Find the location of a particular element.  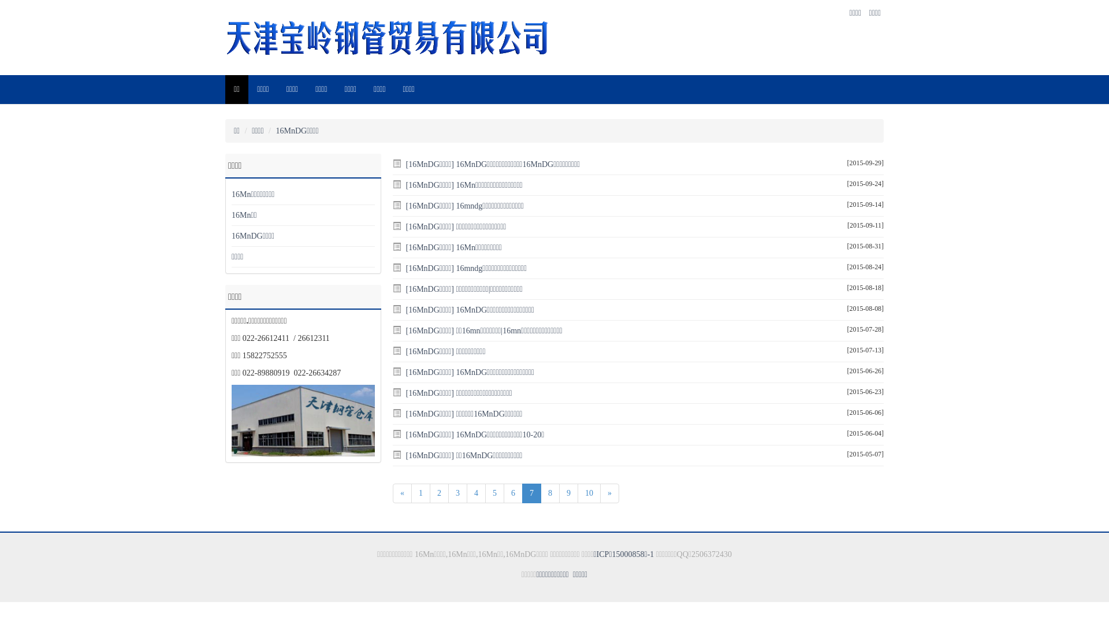

'1' is located at coordinates (411, 493).